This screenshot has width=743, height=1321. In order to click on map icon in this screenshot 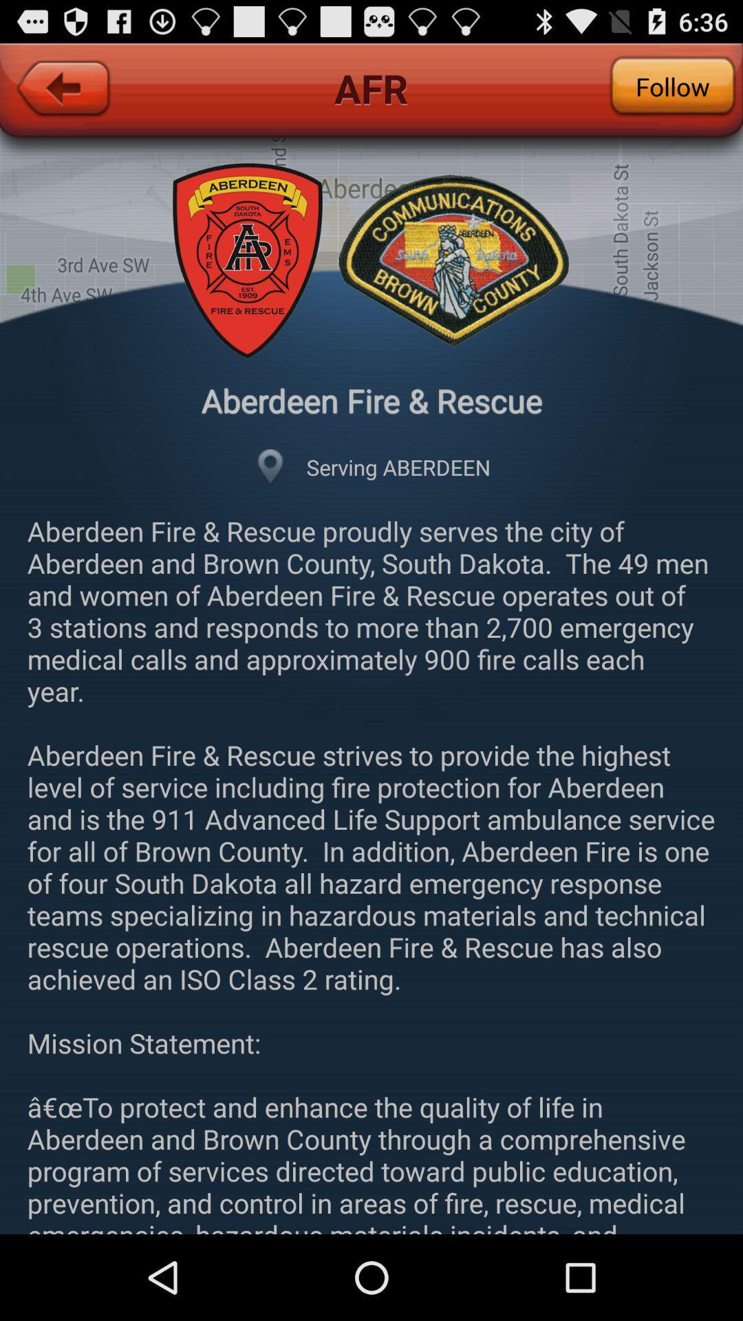, I will do `click(270, 467)`.